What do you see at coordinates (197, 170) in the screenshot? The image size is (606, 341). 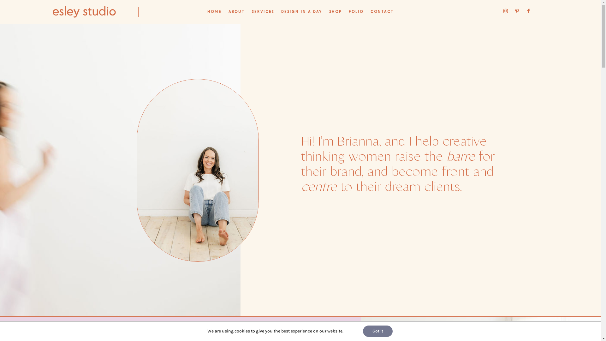 I see `'about-esley-studio'` at bounding box center [197, 170].